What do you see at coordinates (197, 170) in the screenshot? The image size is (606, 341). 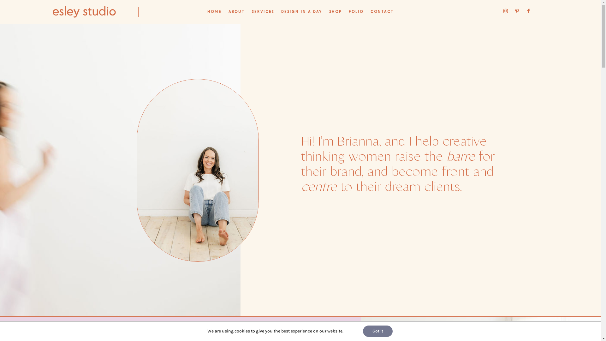 I see `'about-esley-studio'` at bounding box center [197, 170].